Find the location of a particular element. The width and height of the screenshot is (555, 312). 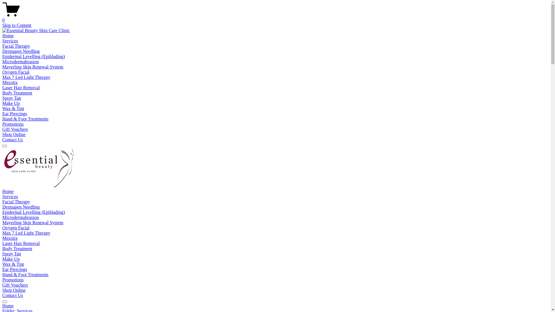

'Wax & Tint' is located at coordinates (2, 264).